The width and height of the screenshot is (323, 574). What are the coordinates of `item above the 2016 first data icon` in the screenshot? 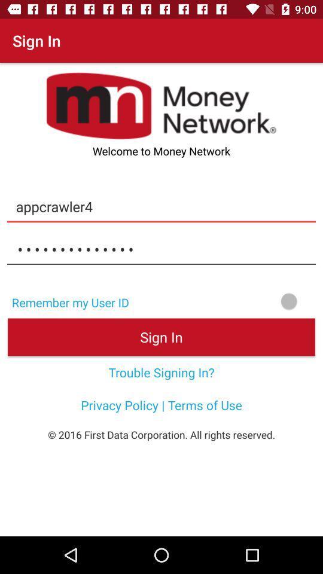 It's located at (161, 405).